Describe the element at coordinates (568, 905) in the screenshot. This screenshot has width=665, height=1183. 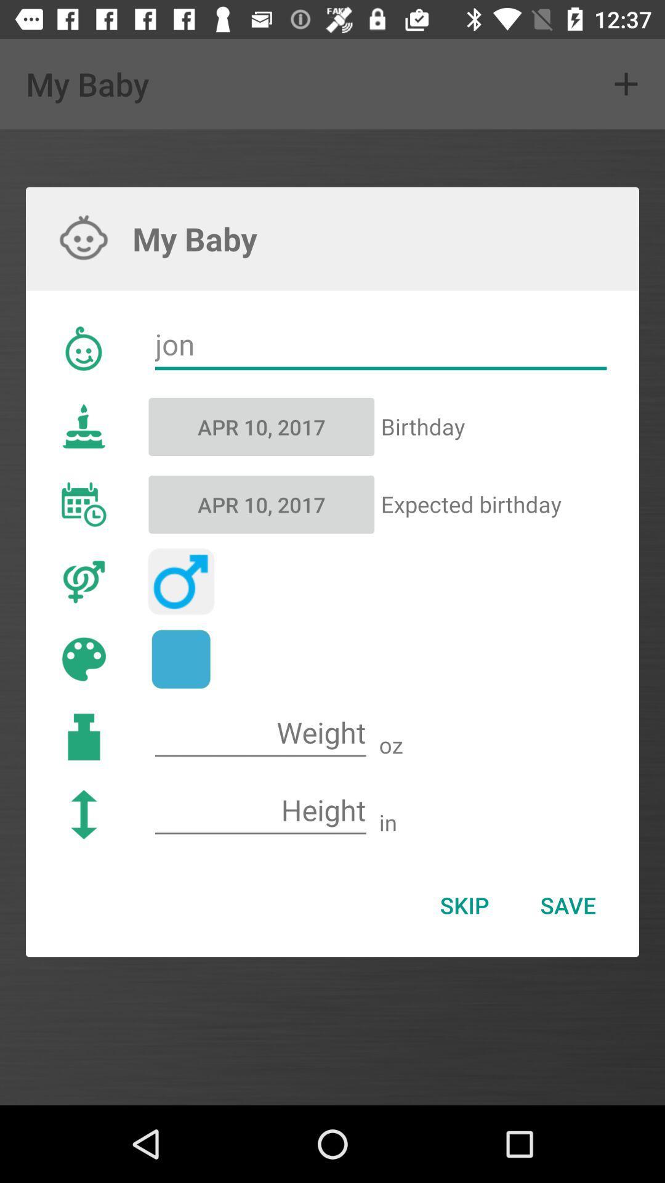
I see `the icon next to skip` at that location.